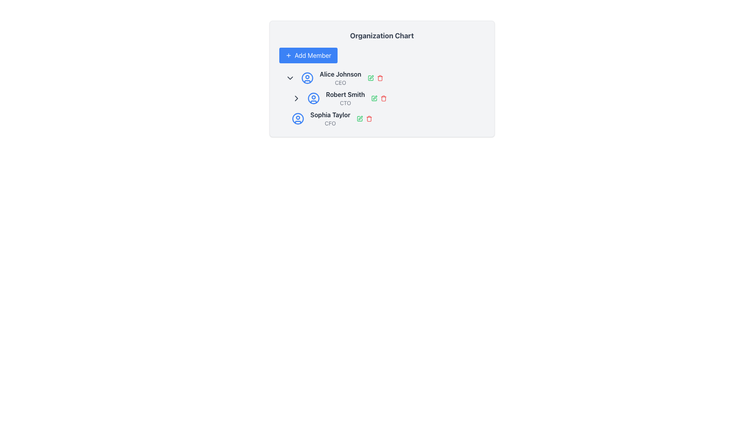  I want to click on the text label that describes Robert Smith's role as Chief Technology Officer, which is positioned directly beneath his name in the organizational chart, so click(345, 102).